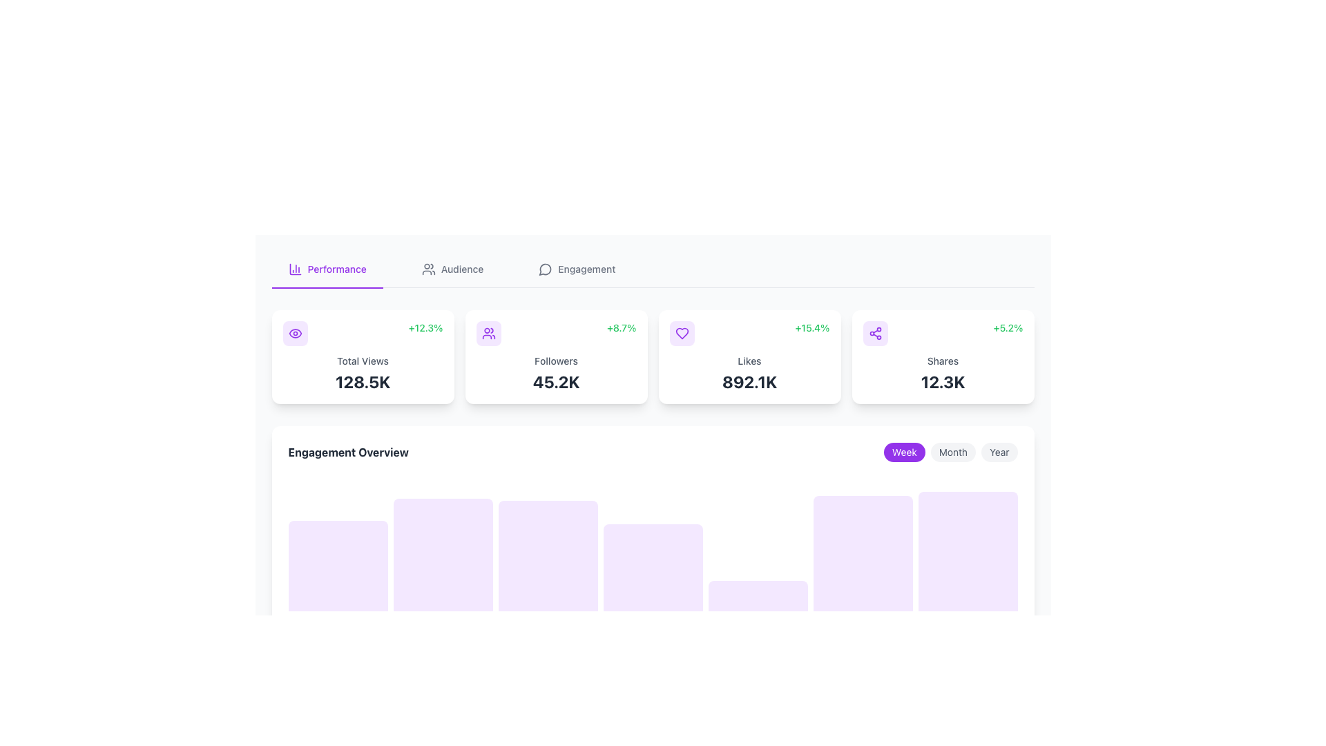  What do you see at coordinates (338, 566) in the screenshot?
I see `the first vertical bar of the bar chart styled in light purple, located below the 'Engagement Overview' title` at bounding box center [338, 566].